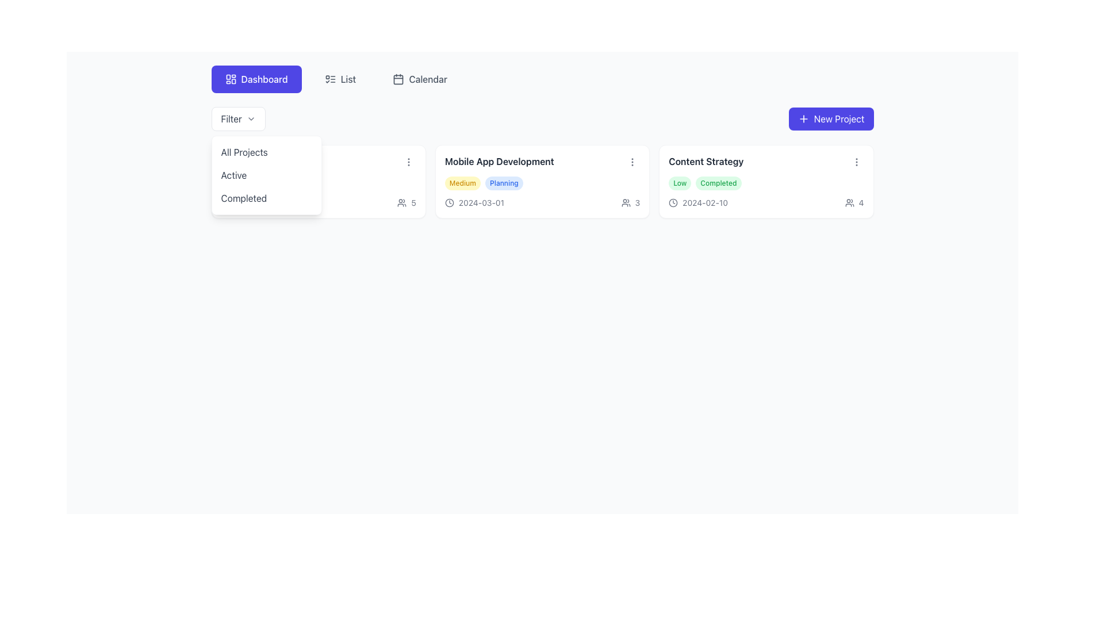 The height and width of the screenshot is (621, 1104). What do you see at coordinates (225, 202) in the screenshot?
I see `the clock icon indicating 'Completed' tasks in the dropdown menu associated with the 'Filter' button beneath the 'Dashboard' navigation bar` at bounding box center [225, 202].